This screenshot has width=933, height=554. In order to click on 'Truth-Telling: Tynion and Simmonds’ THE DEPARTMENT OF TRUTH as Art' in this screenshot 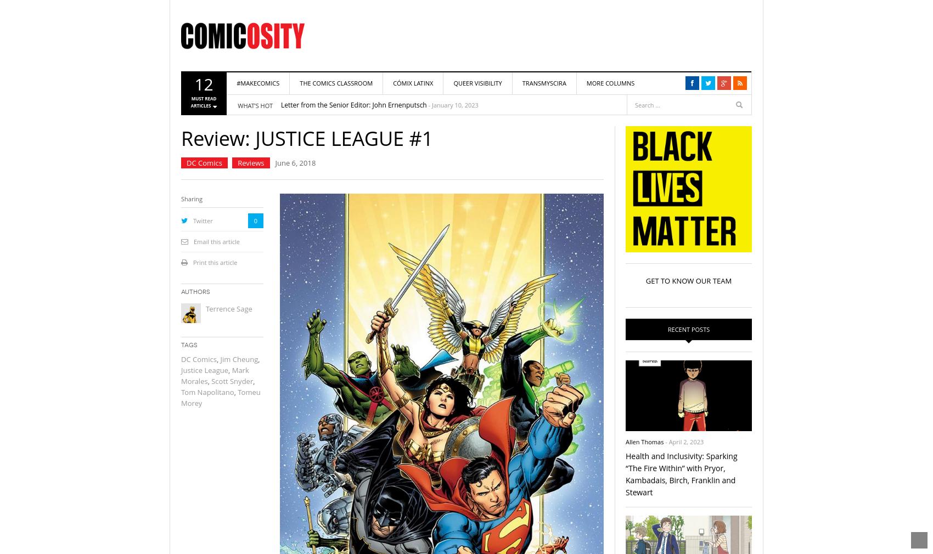, I will do `click(391, 93)`.